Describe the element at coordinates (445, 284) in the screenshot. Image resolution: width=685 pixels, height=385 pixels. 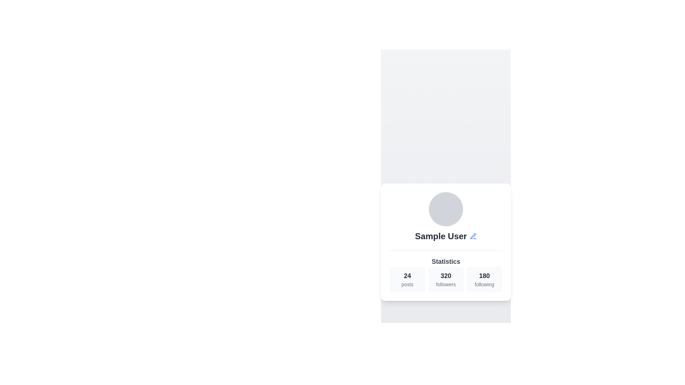
I see `the static text label that describes the followers count, located beneath the number '320' in the central statistics card` at that location.